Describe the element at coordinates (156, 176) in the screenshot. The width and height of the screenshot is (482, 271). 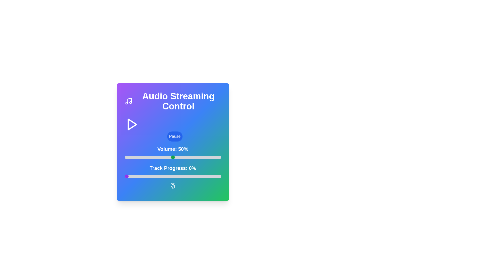
I see `the track progress to 33% by interacting with the slider` at that location.